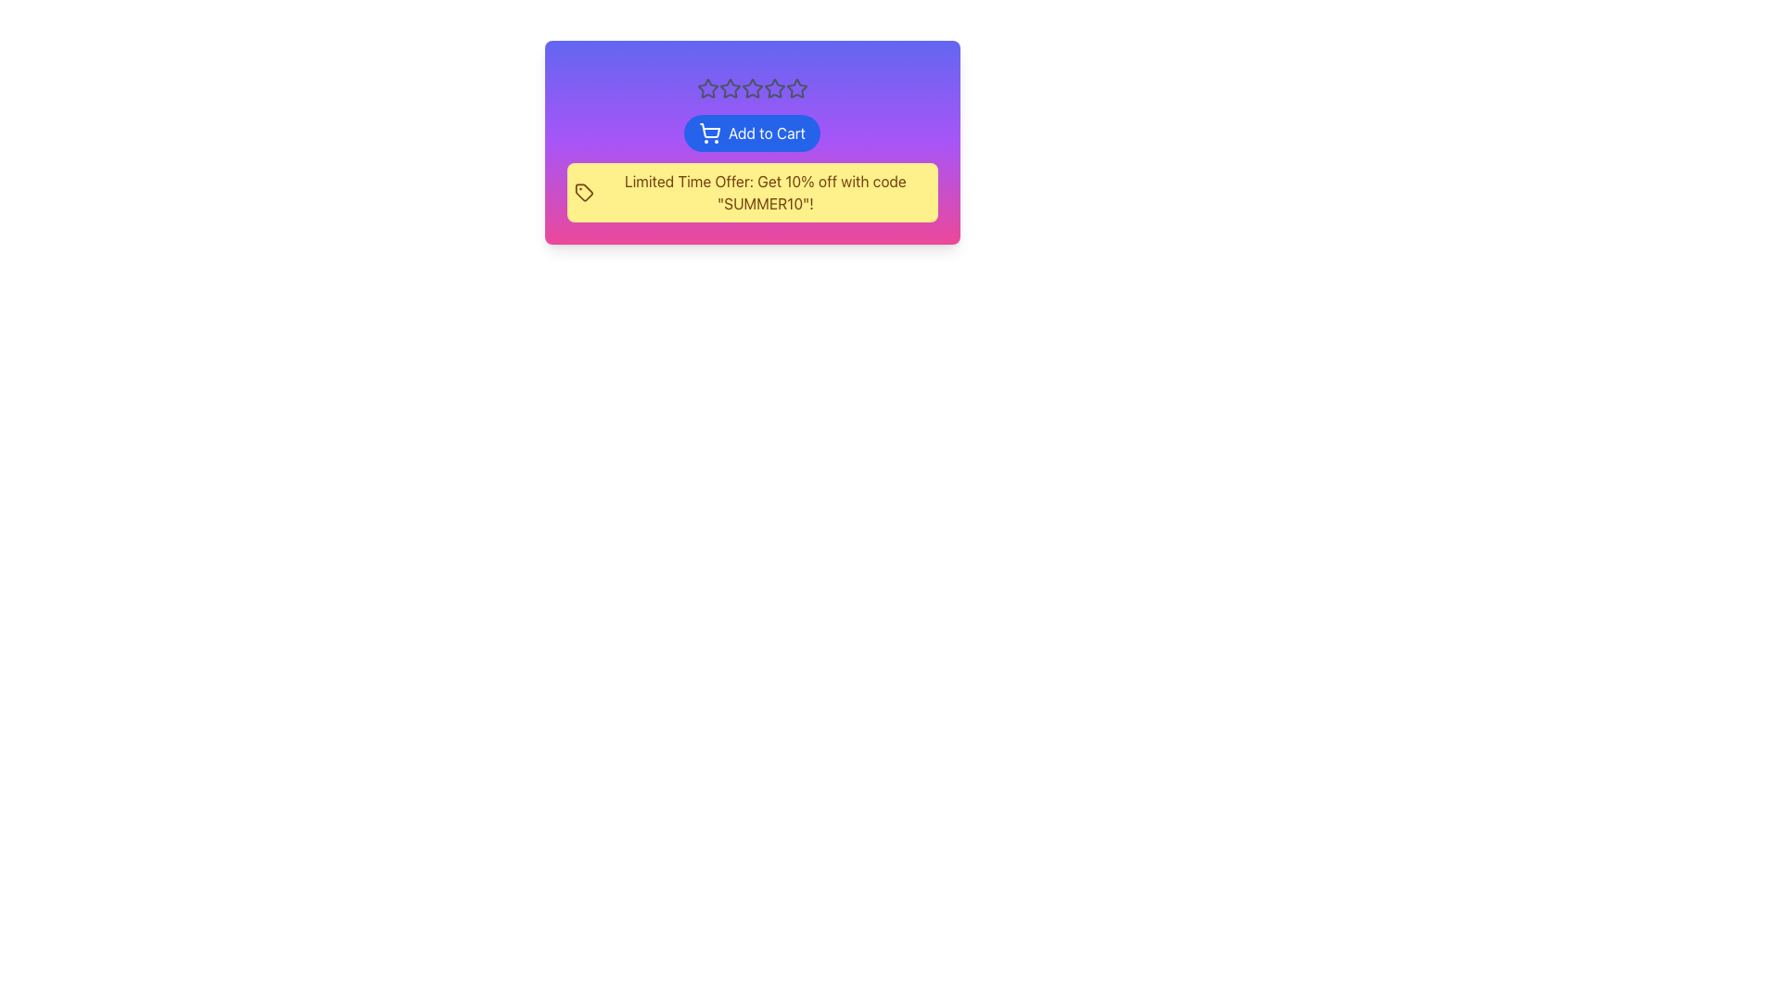 This screenshot has width=1780, height=1001. What do you see at coordinates (796, 88) in the screenshot?
I see `the fourth star in the five-star rating system` at bounding box center [796, 88].